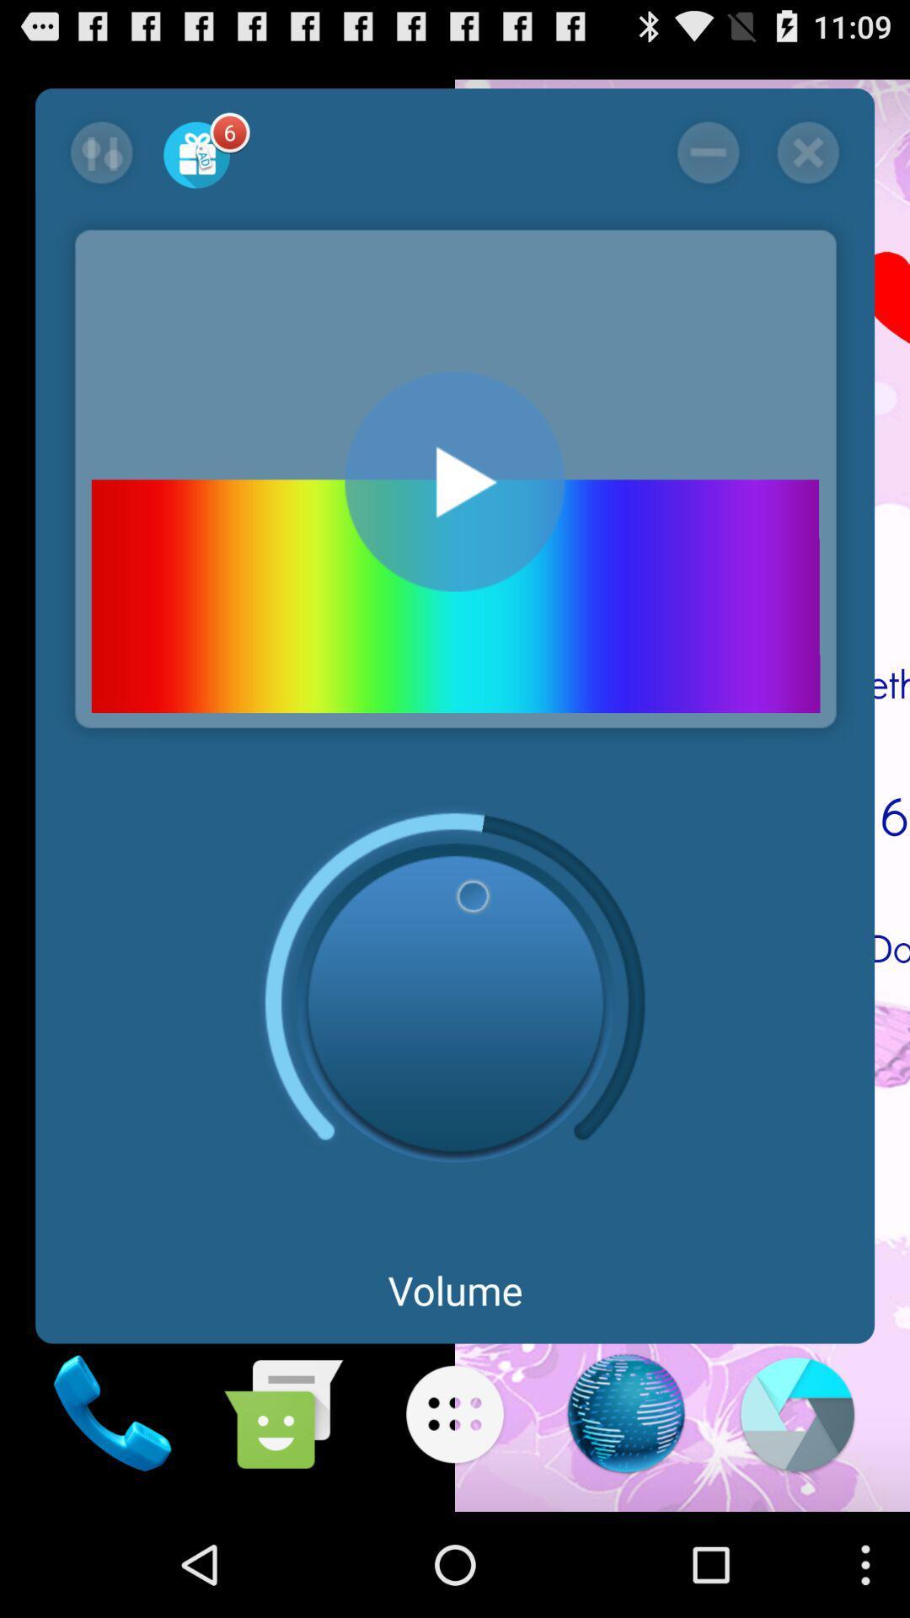 The width and height of the screenshot is (910, 1618). I want to click on sound, so click(455, 480).